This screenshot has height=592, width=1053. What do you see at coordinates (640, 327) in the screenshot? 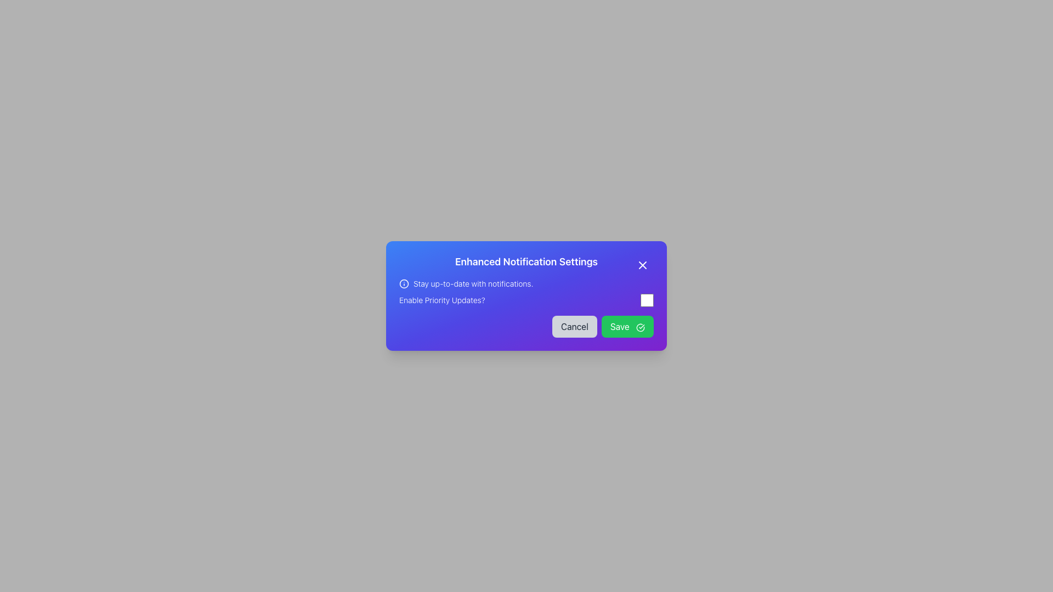
I see `the confirmation icon located within the green 'Save' button on the right side of the modal for visual feedback` at bounding box center [640, 327].